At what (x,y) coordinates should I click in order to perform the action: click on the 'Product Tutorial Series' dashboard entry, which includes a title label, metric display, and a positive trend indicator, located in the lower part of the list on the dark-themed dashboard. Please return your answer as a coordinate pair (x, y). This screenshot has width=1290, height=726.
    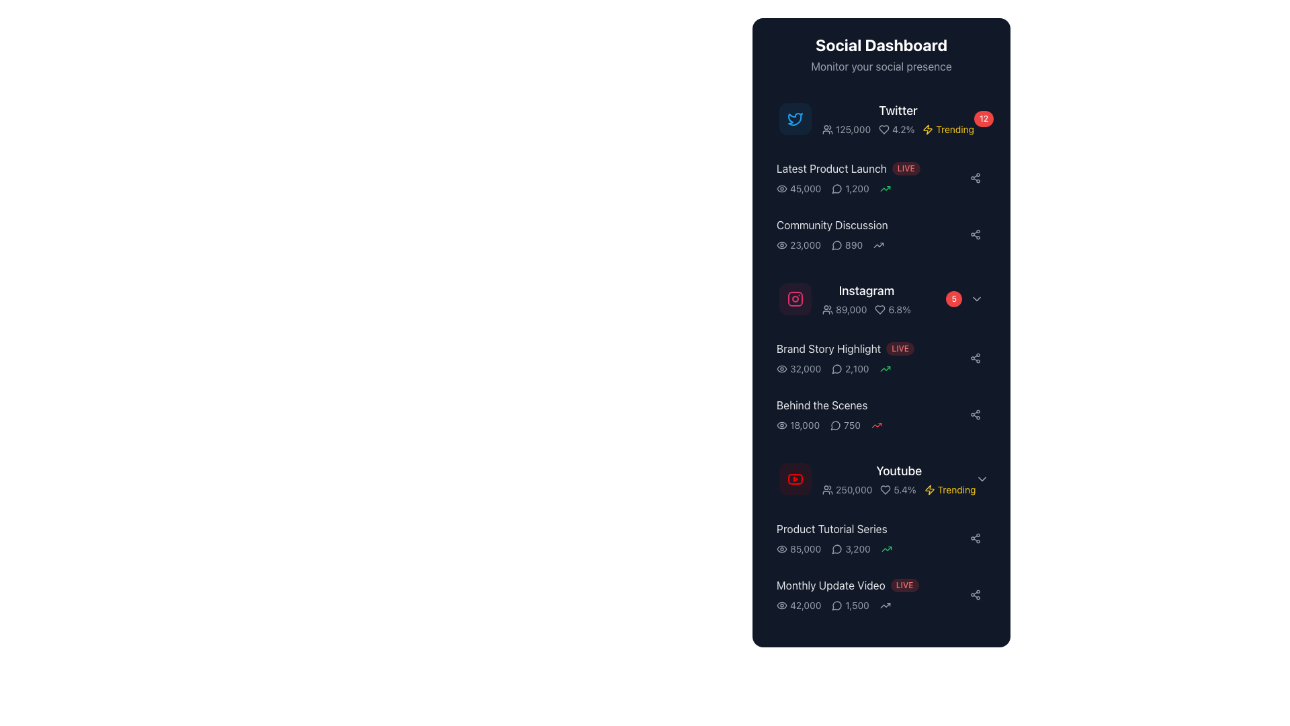
    Looking at the image, I should click on (871, 538).